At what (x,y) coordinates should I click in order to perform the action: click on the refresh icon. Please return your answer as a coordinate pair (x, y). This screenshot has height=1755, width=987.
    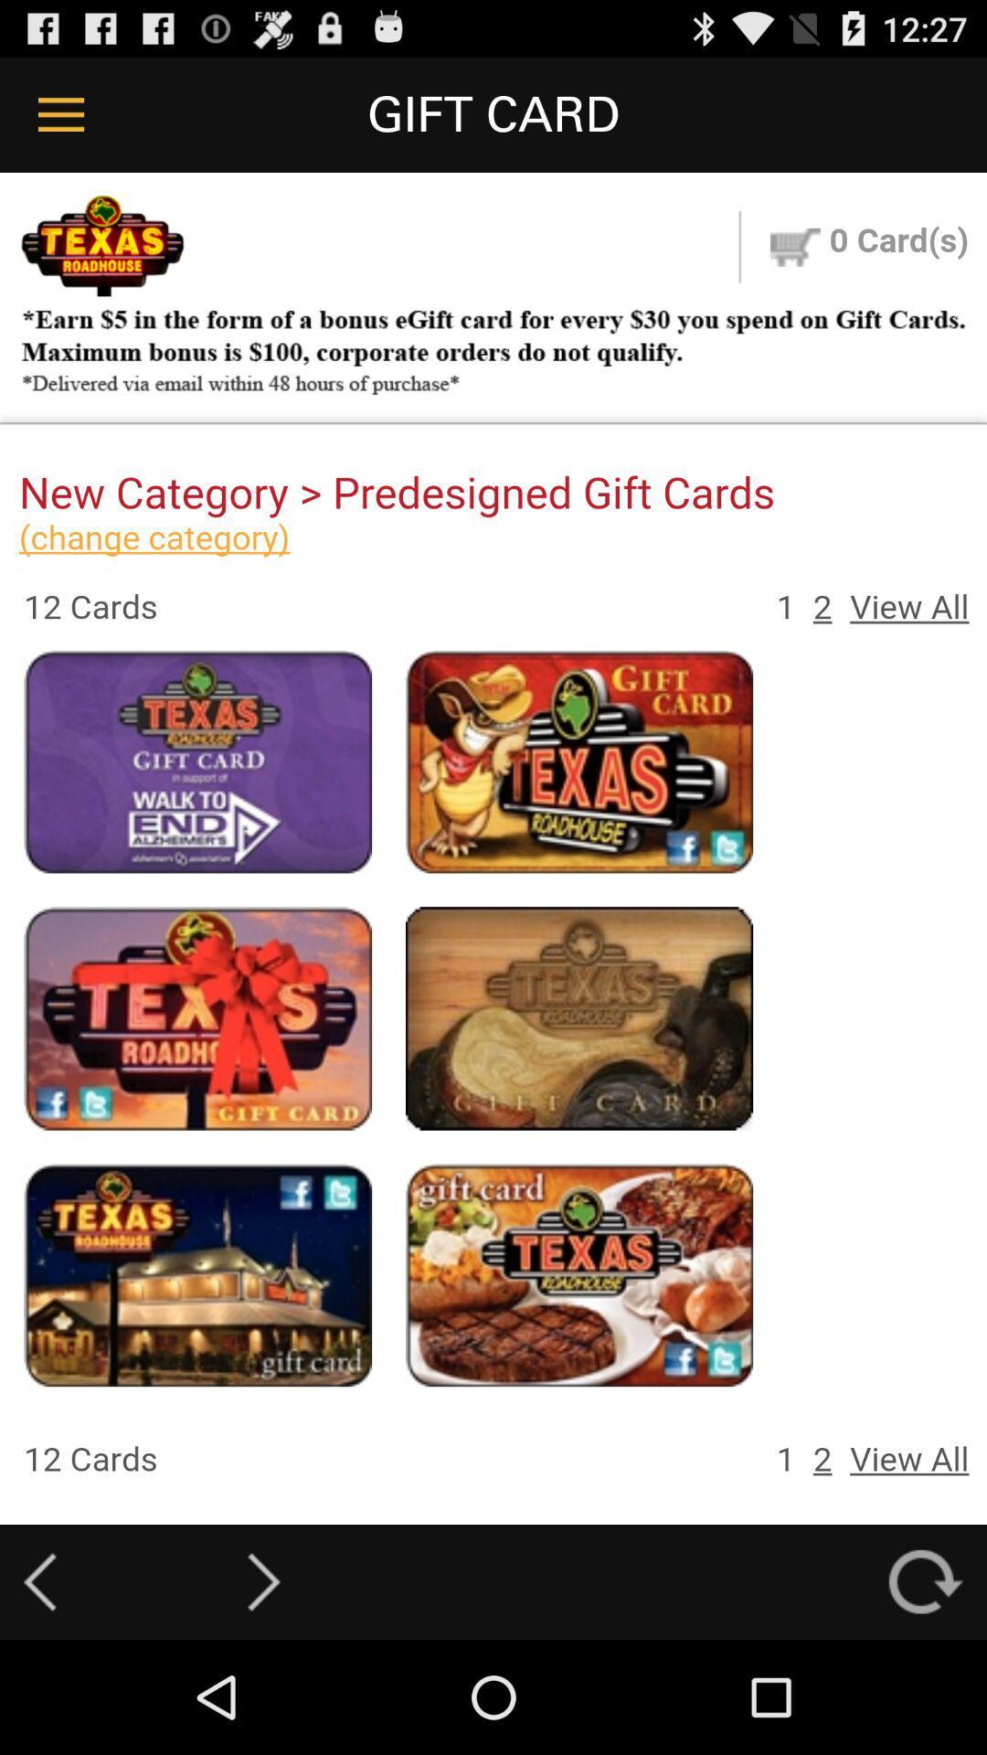
    Looking at the image, I should click on (925, 1692).